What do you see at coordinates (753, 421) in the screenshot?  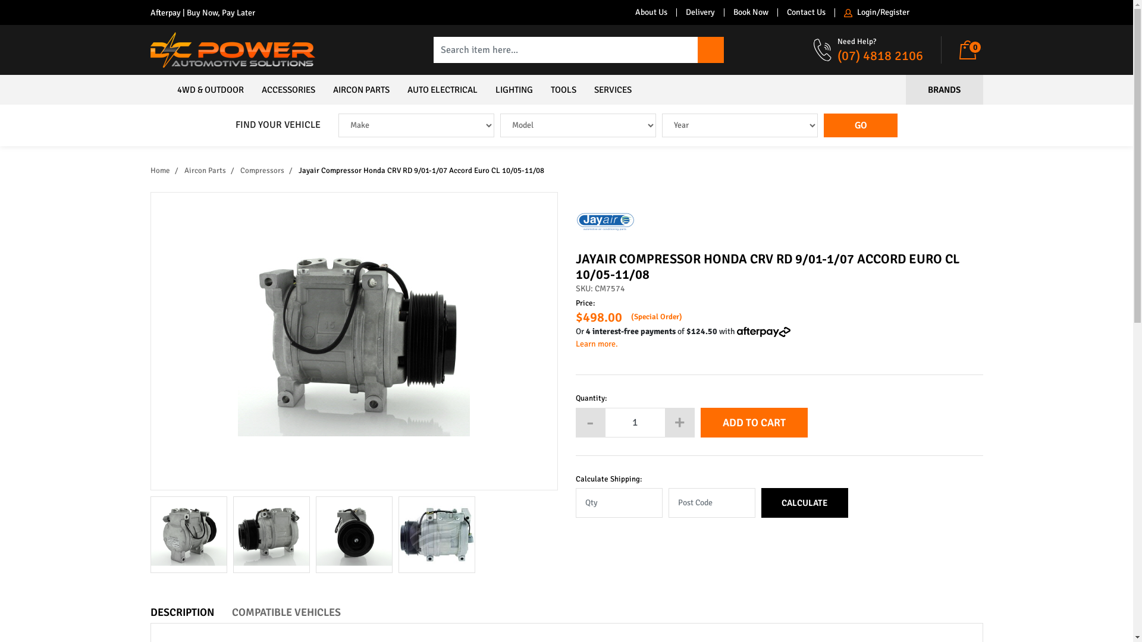 I see `'ADD TO CART'` at bounding box center [753, 421].